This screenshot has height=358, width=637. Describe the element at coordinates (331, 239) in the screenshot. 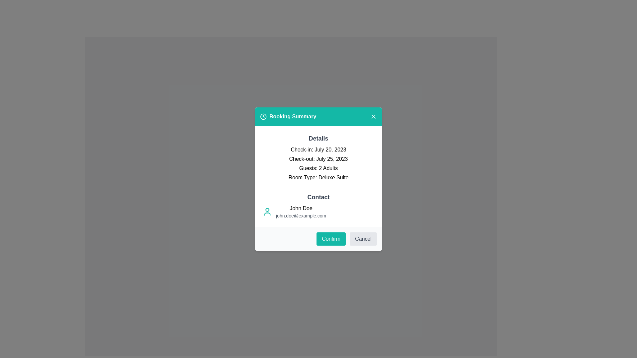

I see `the confirm button located in the bottom-right corner of the modal interface, which is the leftmost button next to the 'Cancel' button to confirm the action` at that location.